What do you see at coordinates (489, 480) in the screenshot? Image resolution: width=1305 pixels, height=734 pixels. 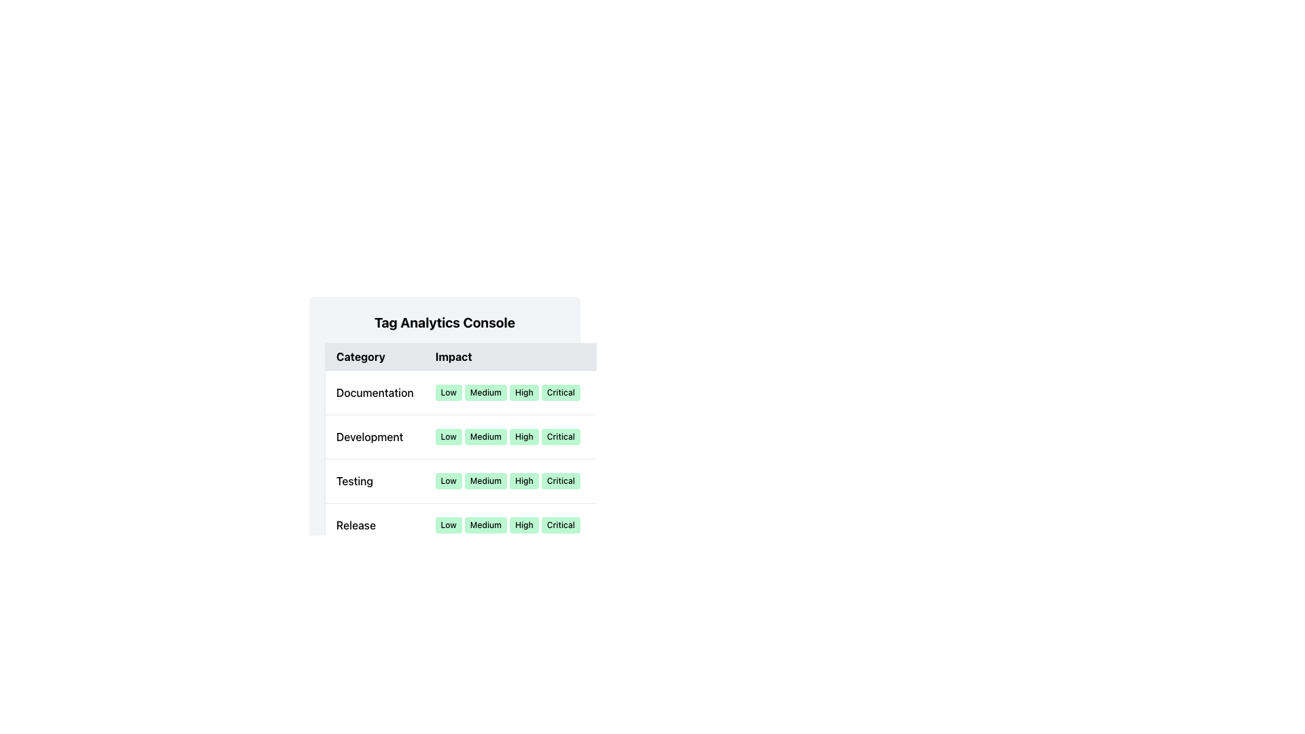 I see `the third row in the table labeled 'Testing', which contains the green rounded boxes for 'Low', 'Medium', 'High', and 'Critical'` at bounding box center [489, 480].